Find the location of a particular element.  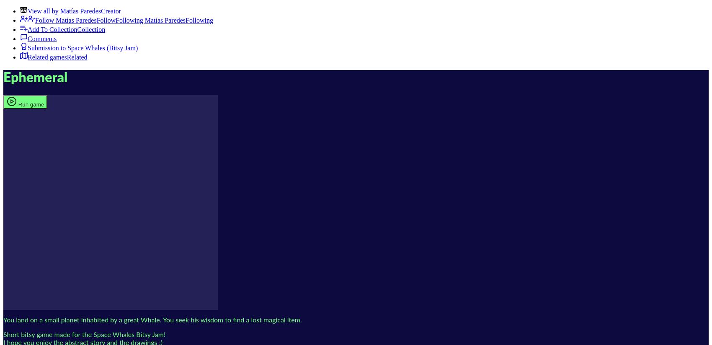

'Following' is located at coordinates (199, 20).